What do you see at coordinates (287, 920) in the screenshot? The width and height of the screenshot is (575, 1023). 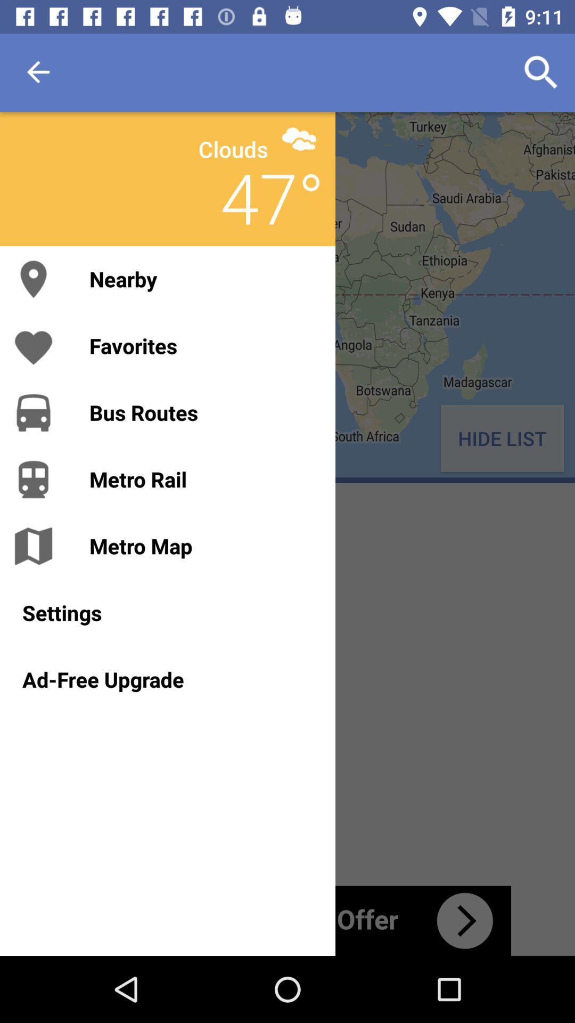 I see `open advertisement` at bounding box center [287, 920].